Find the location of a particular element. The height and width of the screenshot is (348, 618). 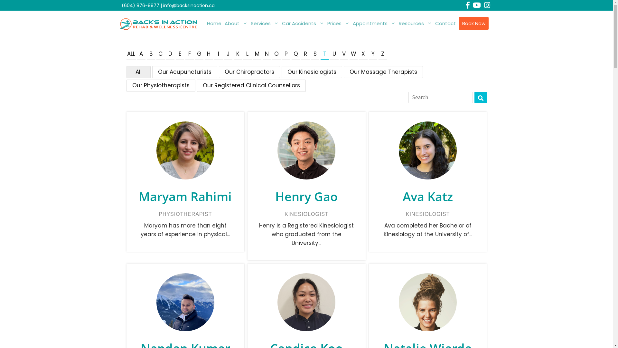

'Our Registered Clinical Counsellors' is located at coordinates (251, 85).